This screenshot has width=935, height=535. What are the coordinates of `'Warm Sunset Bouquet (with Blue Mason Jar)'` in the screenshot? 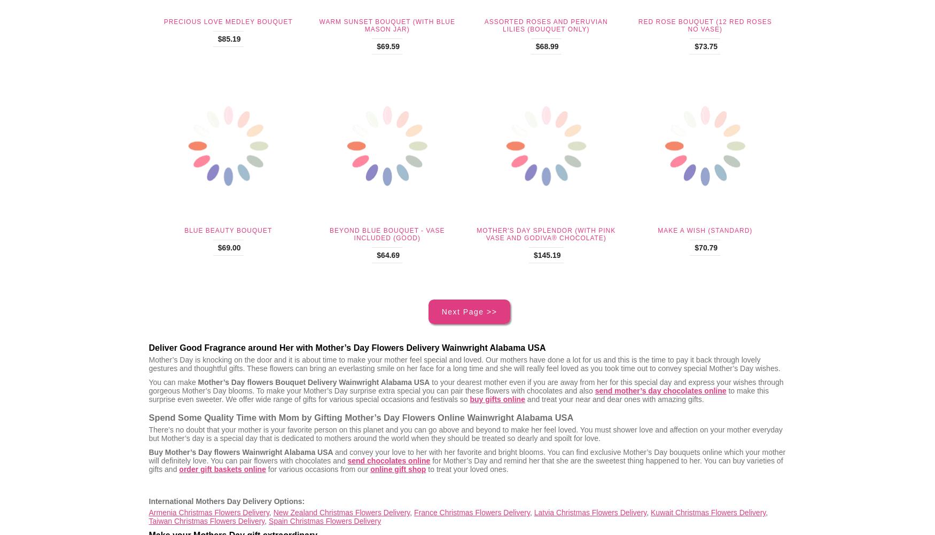 It's located at (386, 25).